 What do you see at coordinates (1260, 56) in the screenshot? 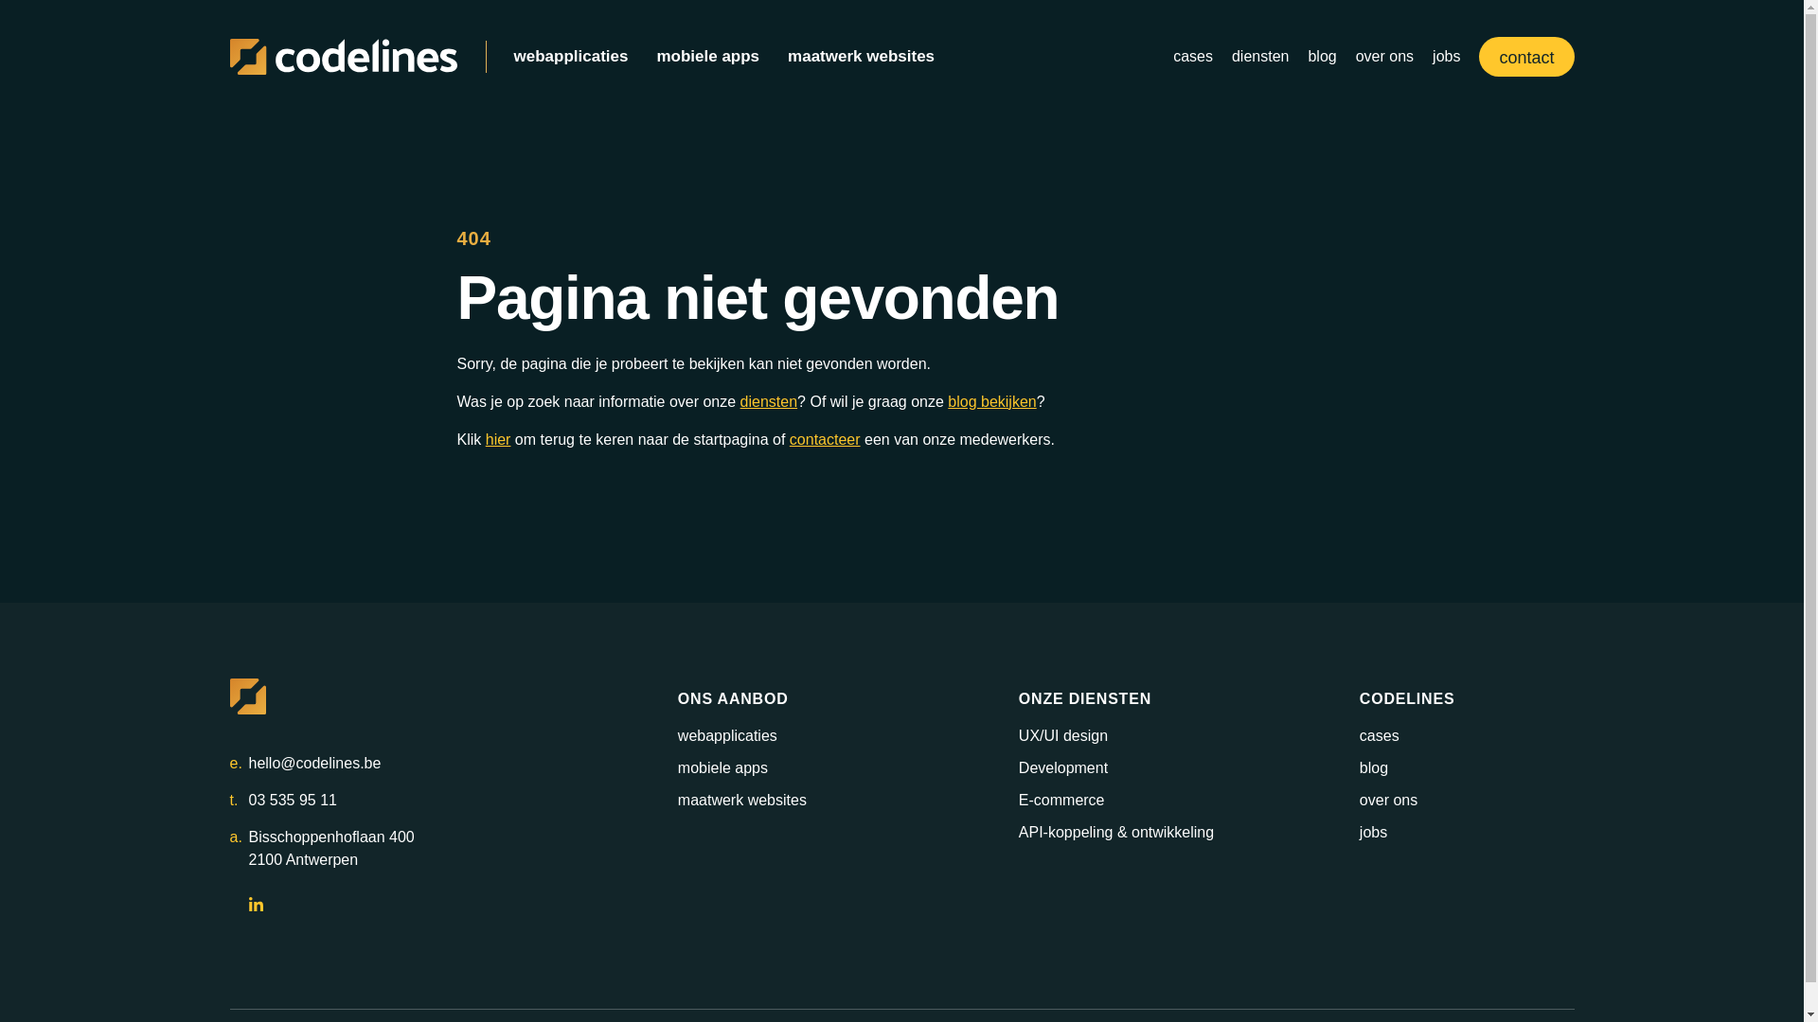
I see `'diensten'` at bounding box center [1260, 56].